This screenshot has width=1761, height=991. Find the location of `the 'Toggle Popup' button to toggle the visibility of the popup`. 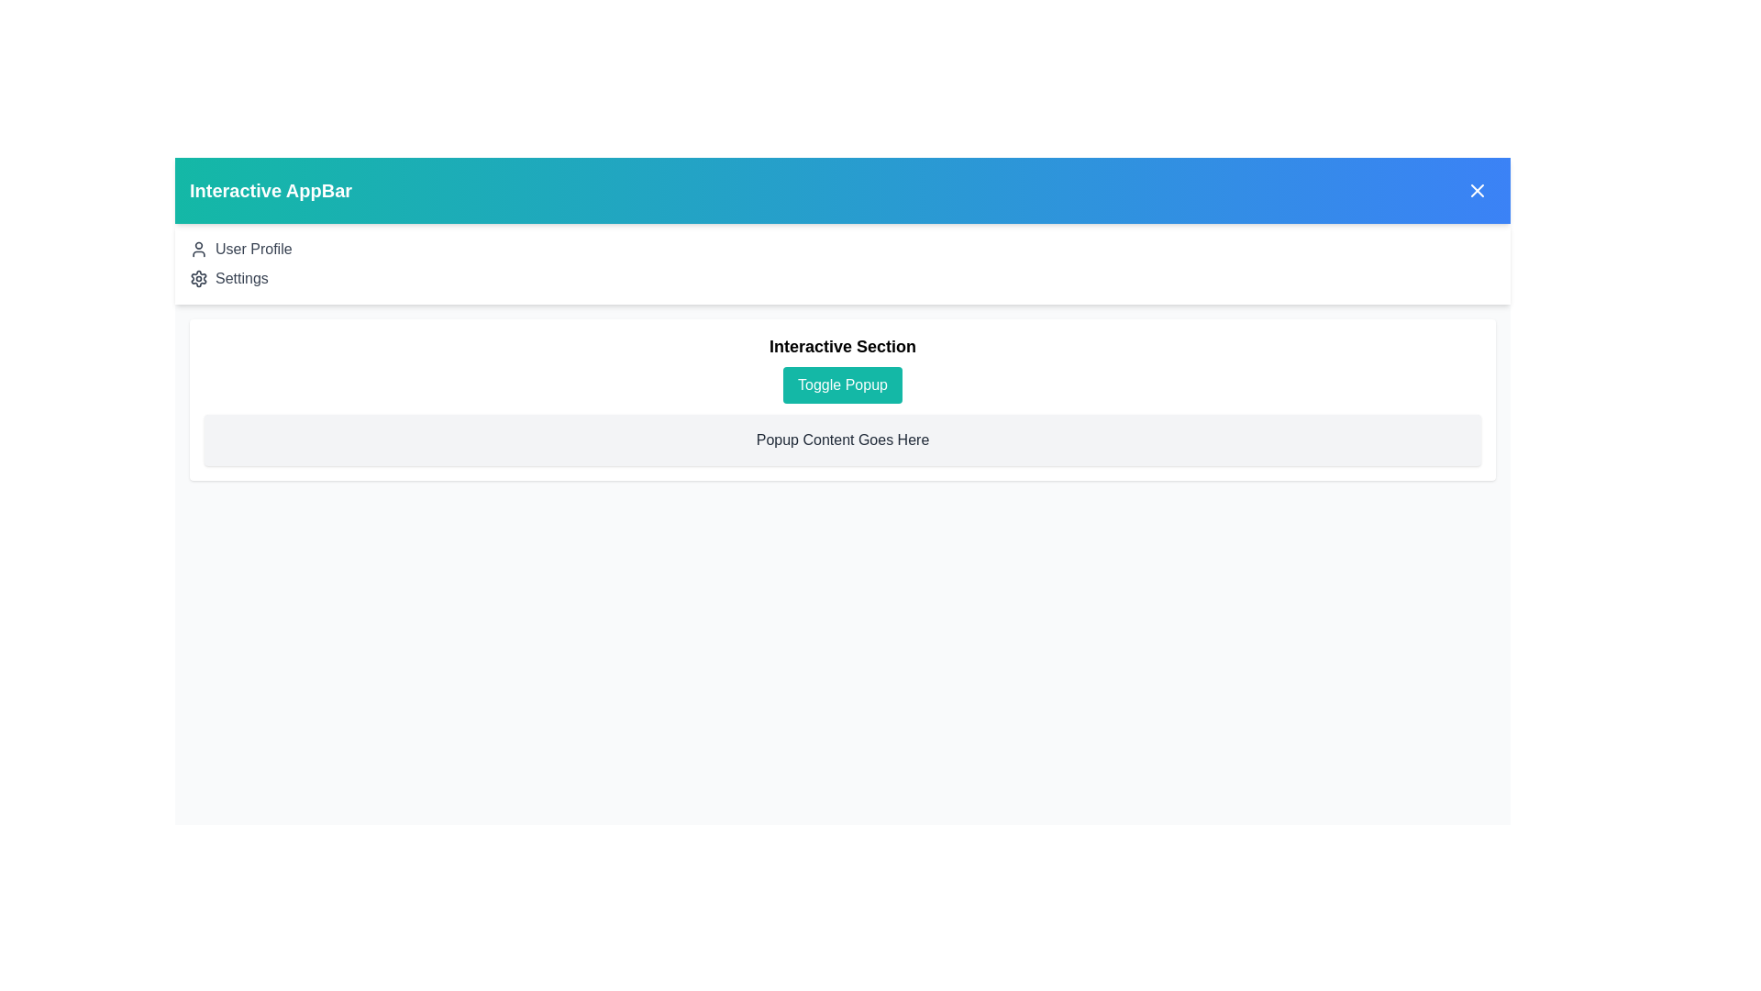

the 'Toggle Popup' button to toggle the visibility of the popup is located at coordinates (841, 384).